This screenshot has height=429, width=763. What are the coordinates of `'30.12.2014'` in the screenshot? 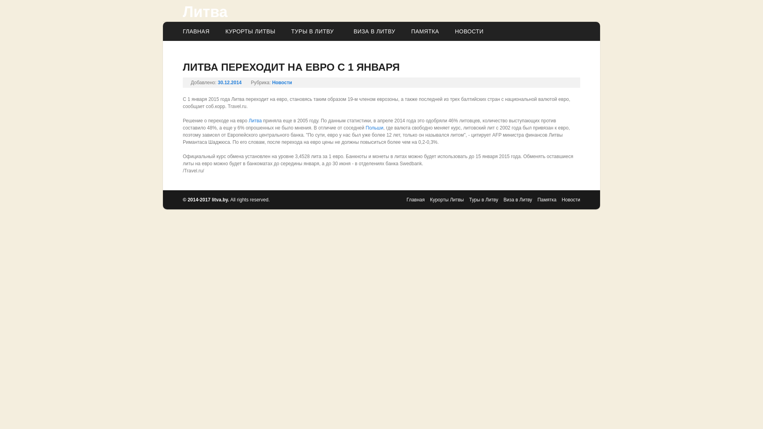 It's located at (217, 83).